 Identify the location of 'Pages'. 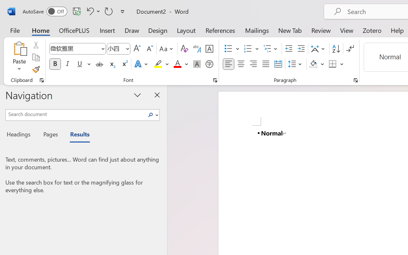
(49, 135).